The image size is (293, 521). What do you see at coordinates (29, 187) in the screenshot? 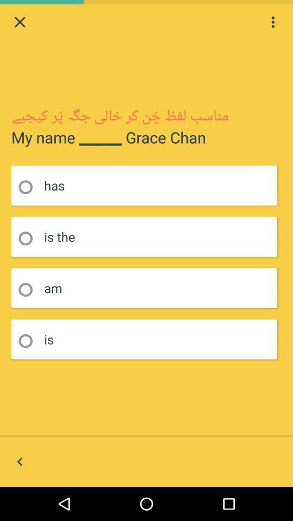
I see `click radio button` at bounding box center [29, 187].